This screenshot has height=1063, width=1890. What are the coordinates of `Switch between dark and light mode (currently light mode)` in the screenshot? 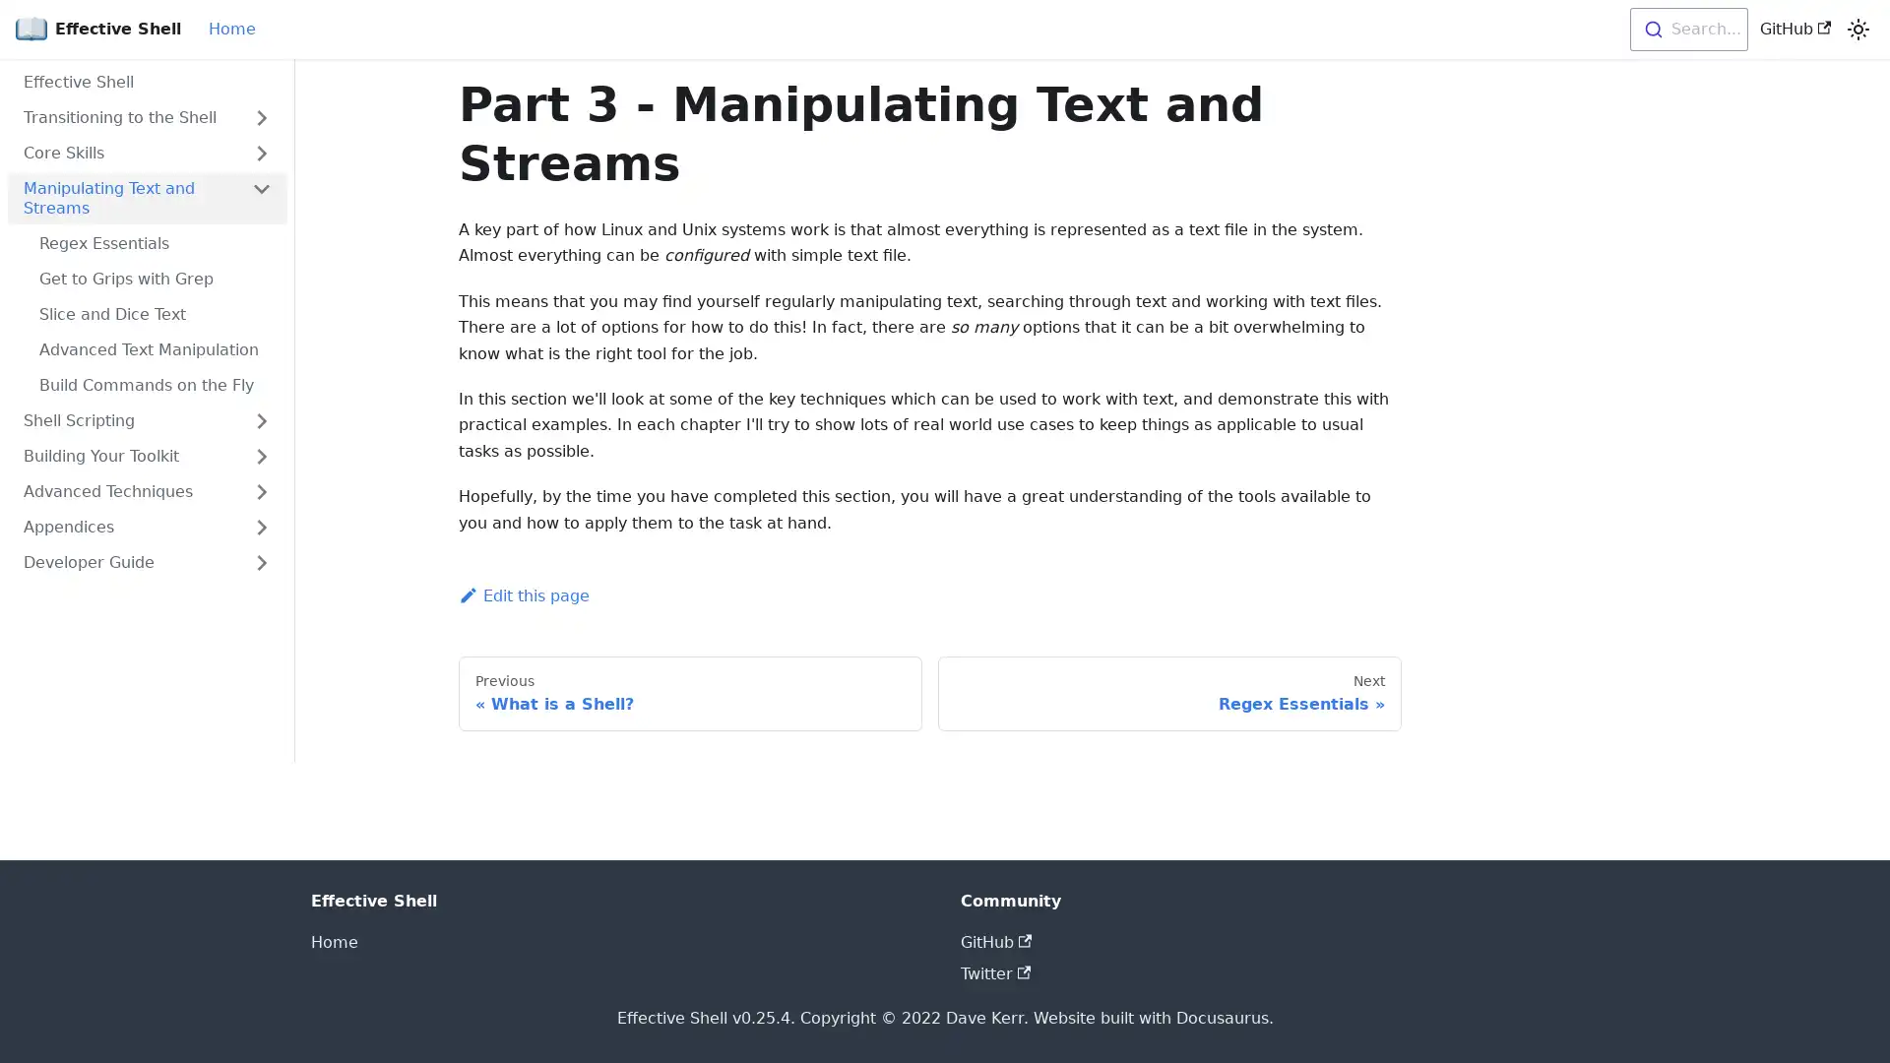 It's located at (1857, 30).